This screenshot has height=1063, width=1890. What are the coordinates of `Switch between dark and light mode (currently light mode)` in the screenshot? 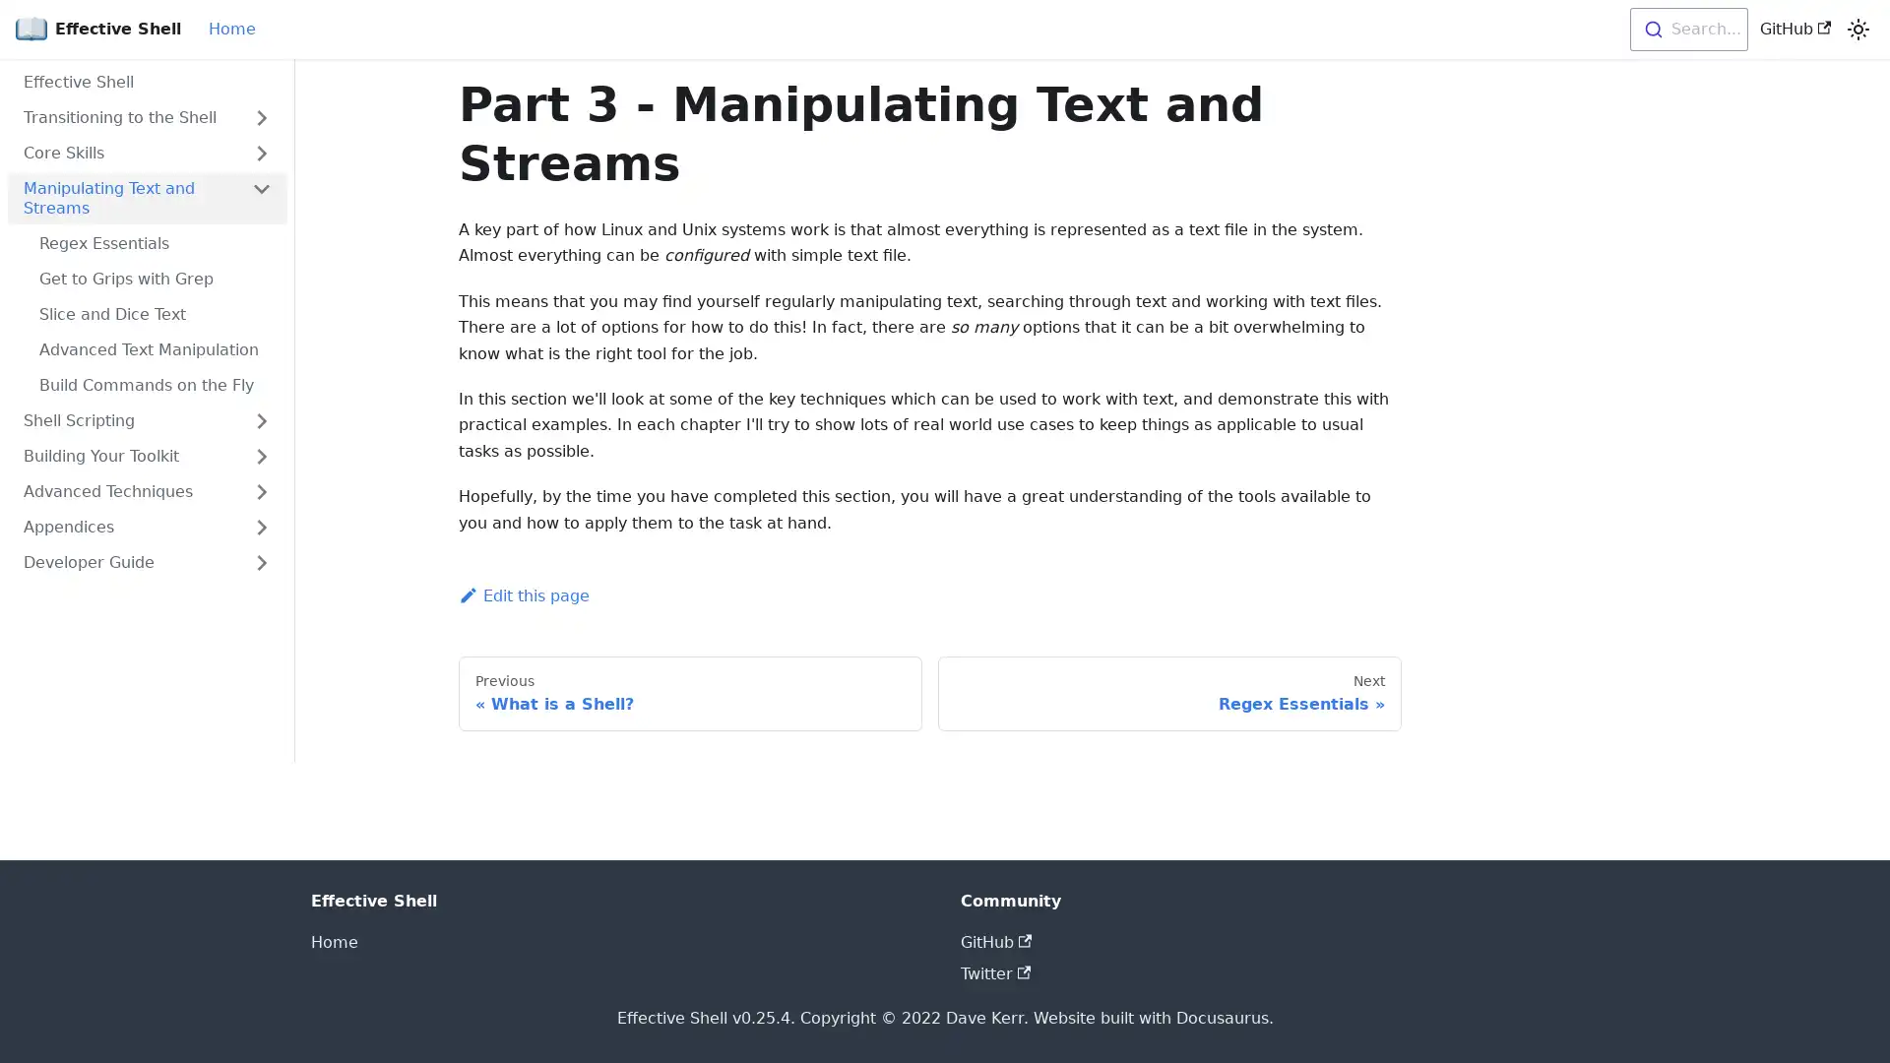 It's located at (1857, 30).